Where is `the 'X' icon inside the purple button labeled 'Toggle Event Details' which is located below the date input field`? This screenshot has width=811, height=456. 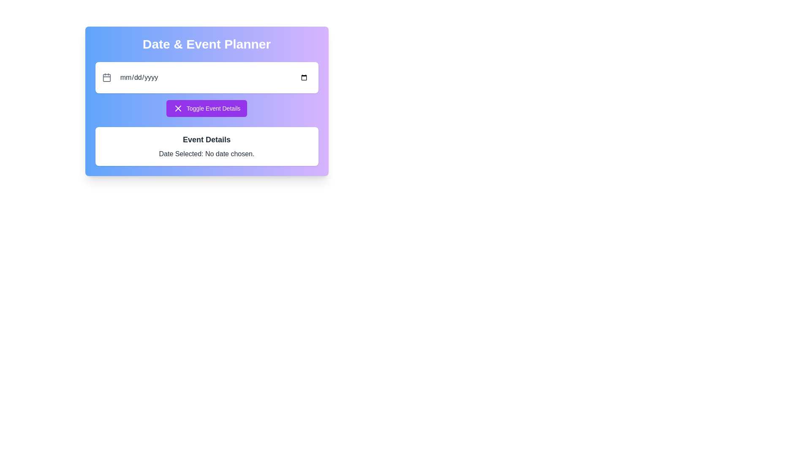
the 'X' icon inside the purple button labeled 'Toggle Event Details' which is located below the date input field is located at coordinates (177, 108).